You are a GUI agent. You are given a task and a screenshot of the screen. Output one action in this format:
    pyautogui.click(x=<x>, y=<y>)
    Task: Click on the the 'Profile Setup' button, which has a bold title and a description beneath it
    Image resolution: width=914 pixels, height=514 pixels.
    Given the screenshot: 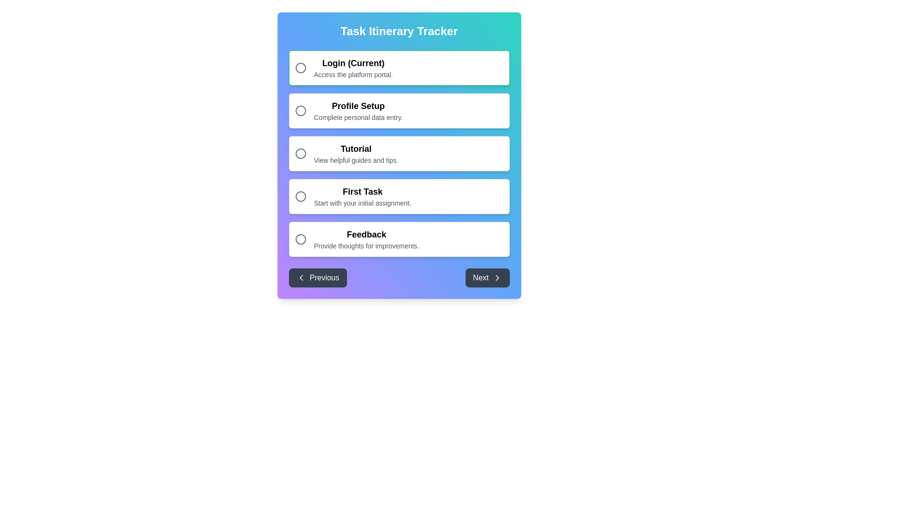 What is the action you would take?
    pyautogui.click(x=399, y=110)
    